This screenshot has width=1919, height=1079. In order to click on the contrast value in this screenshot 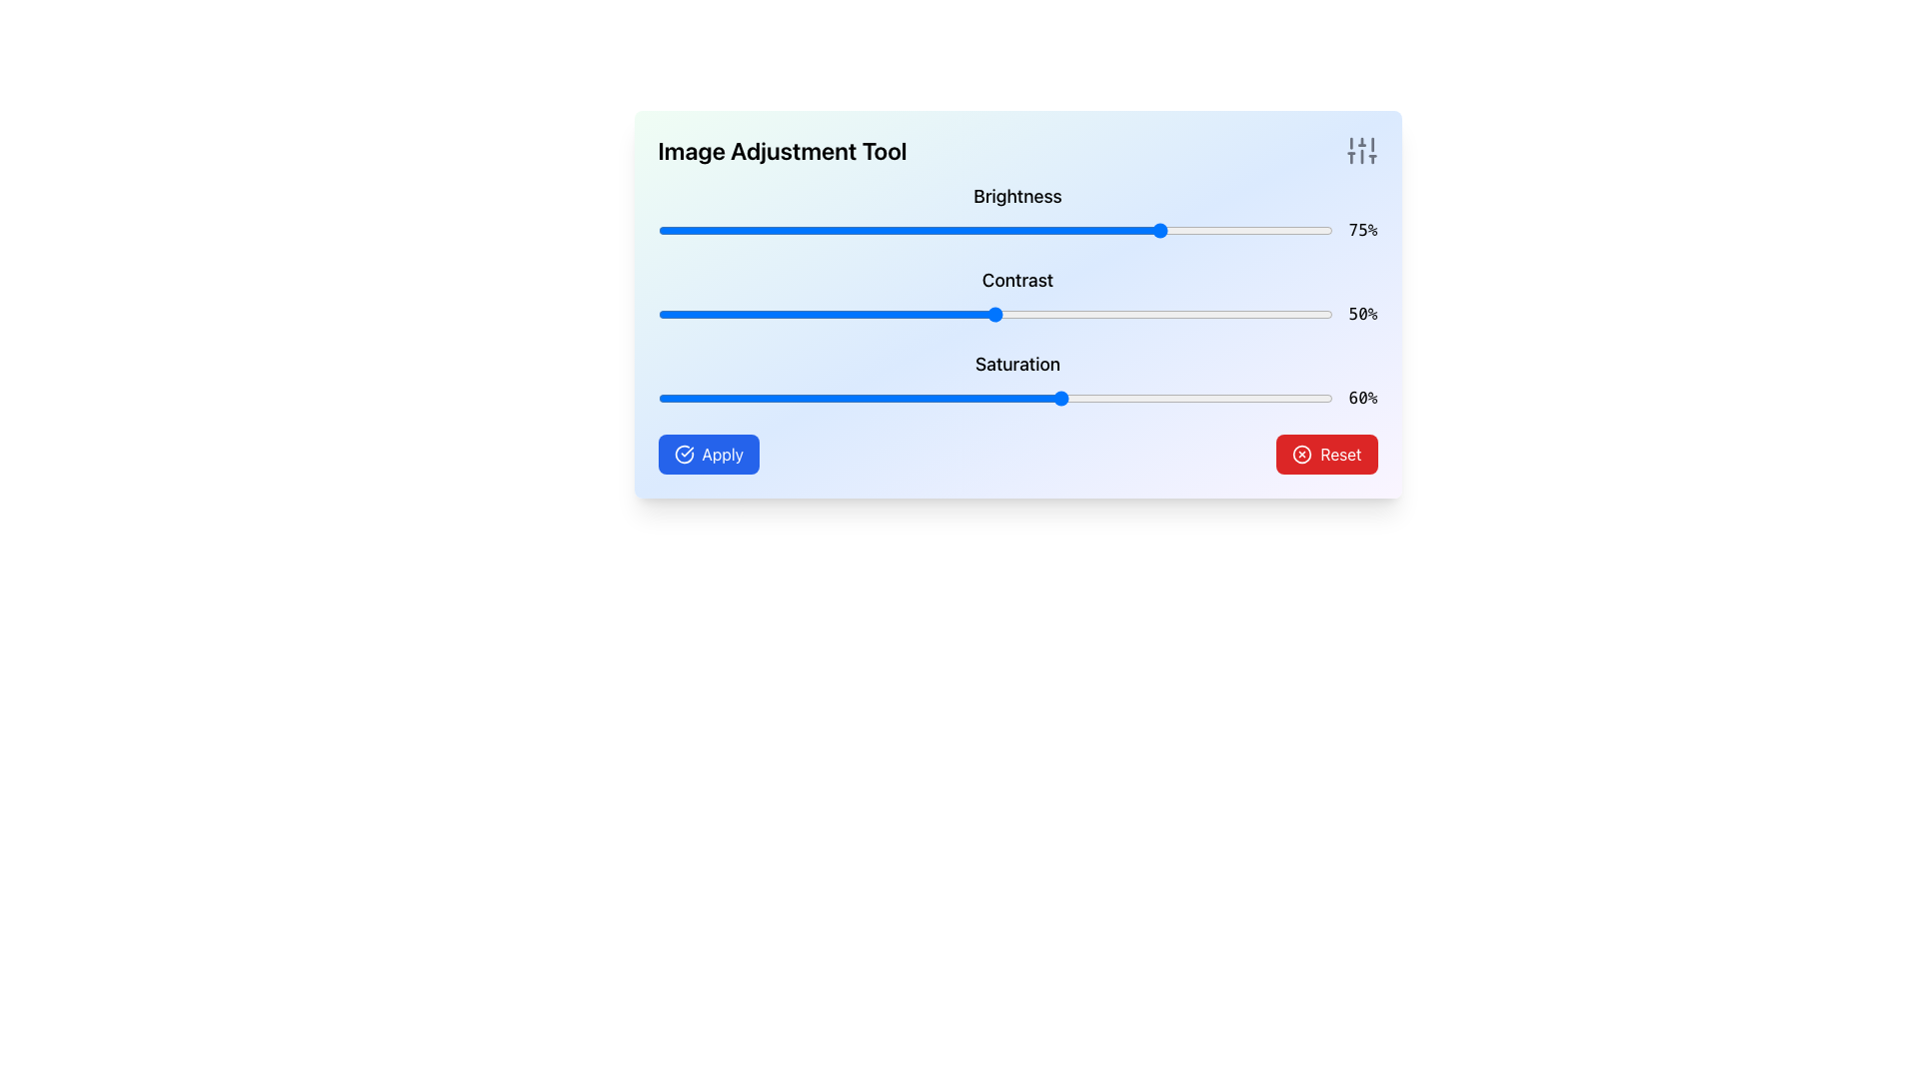, I will do `click(954, 315)`.